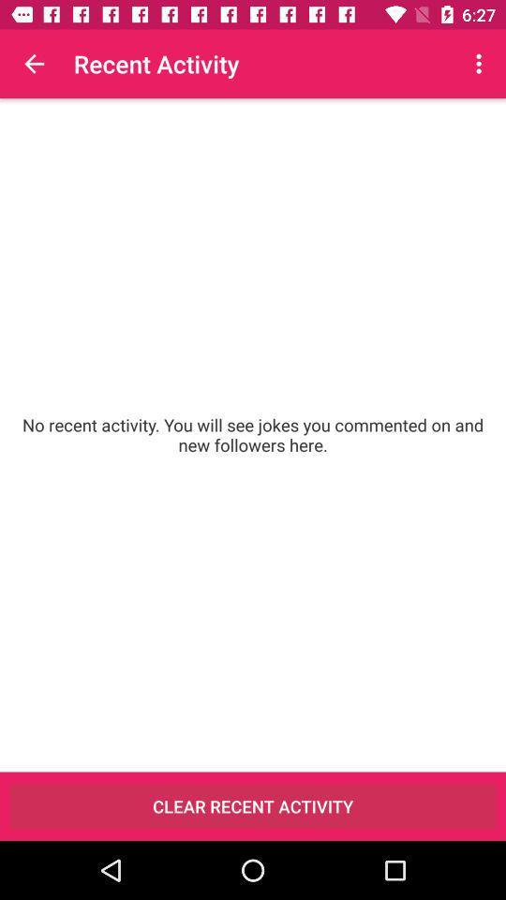  What do you see at coordinates (481, 64) in the screenshot?
I see `the icon above the no recent activity item` at bounding box center [481, 64].